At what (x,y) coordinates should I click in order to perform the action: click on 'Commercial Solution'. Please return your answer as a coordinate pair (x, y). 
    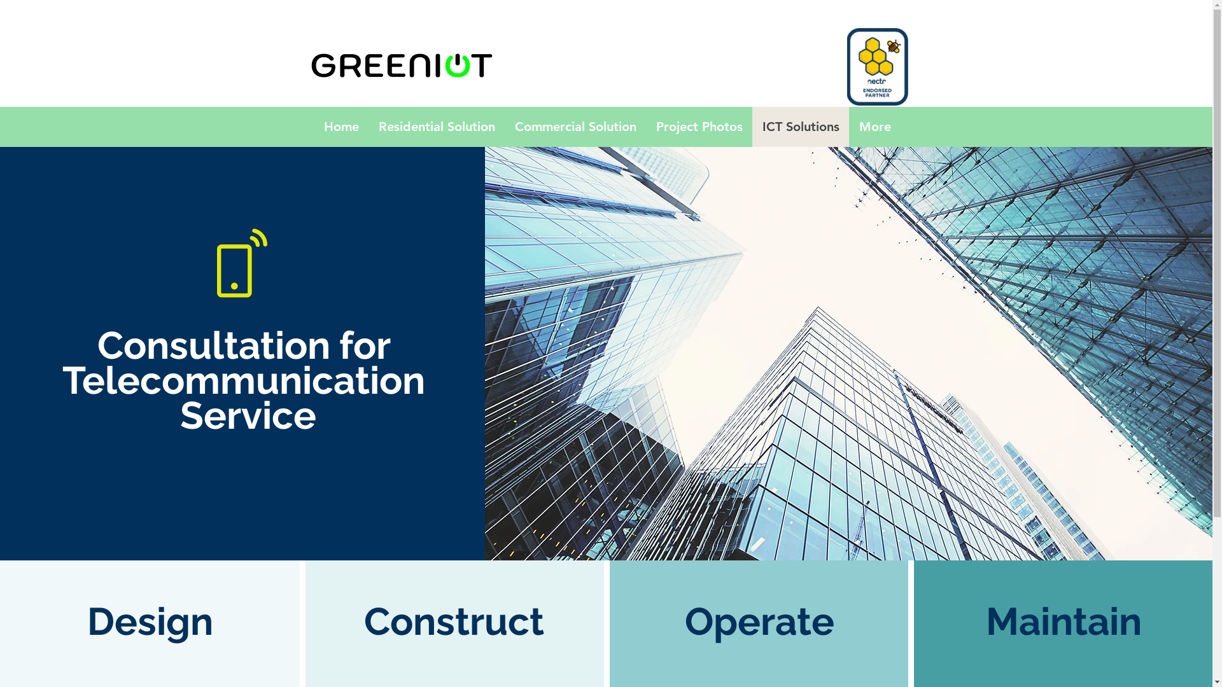
    Looking at the image, I should click on (573, 127).